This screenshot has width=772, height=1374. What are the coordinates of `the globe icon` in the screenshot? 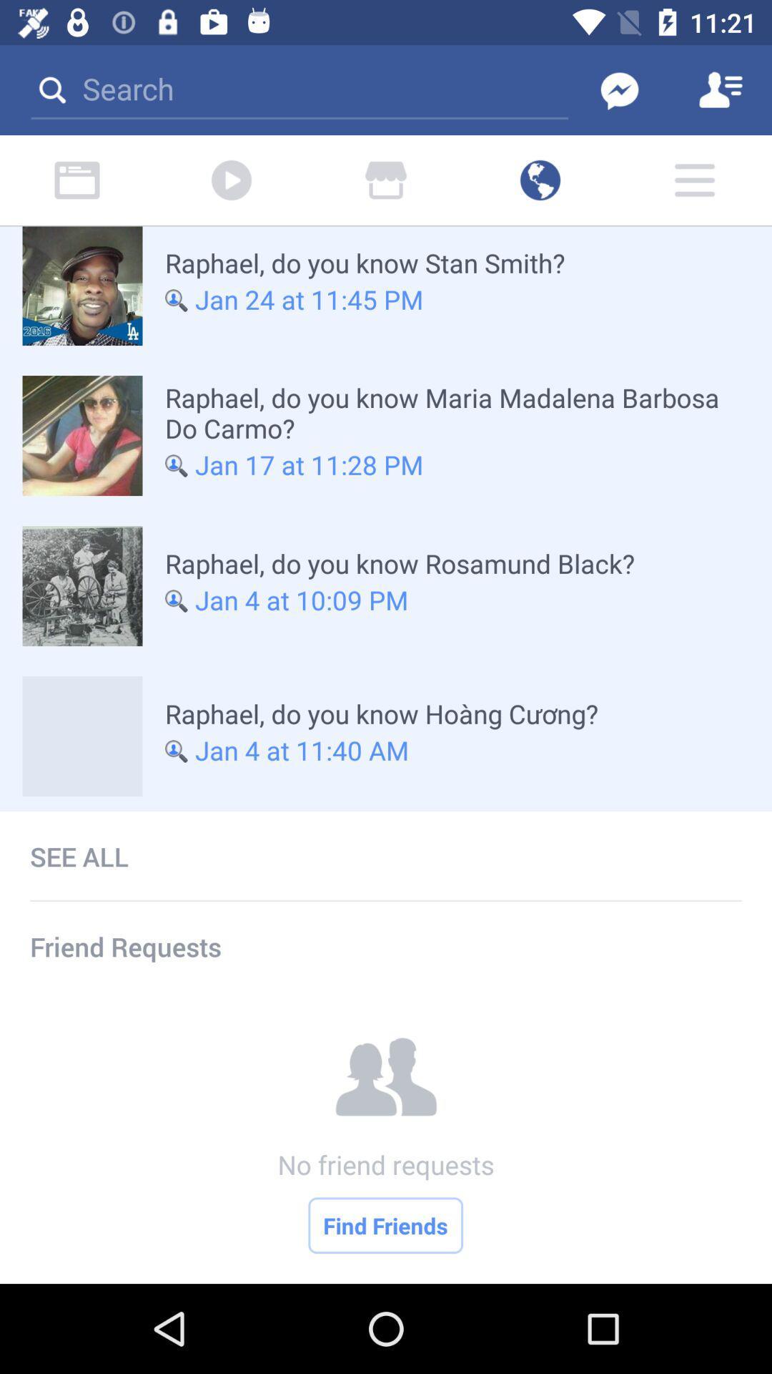 It's located at (540, 180).